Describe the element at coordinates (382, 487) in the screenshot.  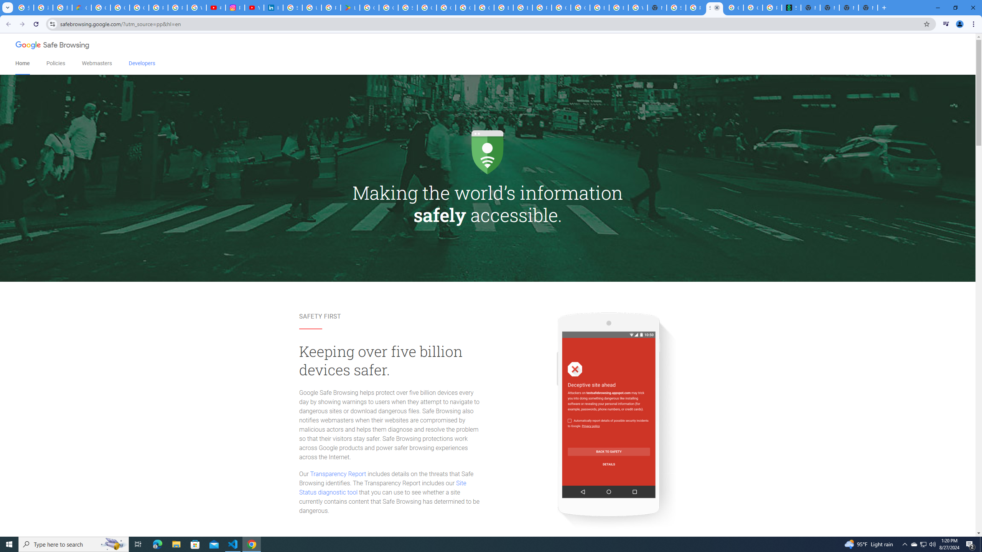
I see `'Site Status diagnostic tool'` at that location.